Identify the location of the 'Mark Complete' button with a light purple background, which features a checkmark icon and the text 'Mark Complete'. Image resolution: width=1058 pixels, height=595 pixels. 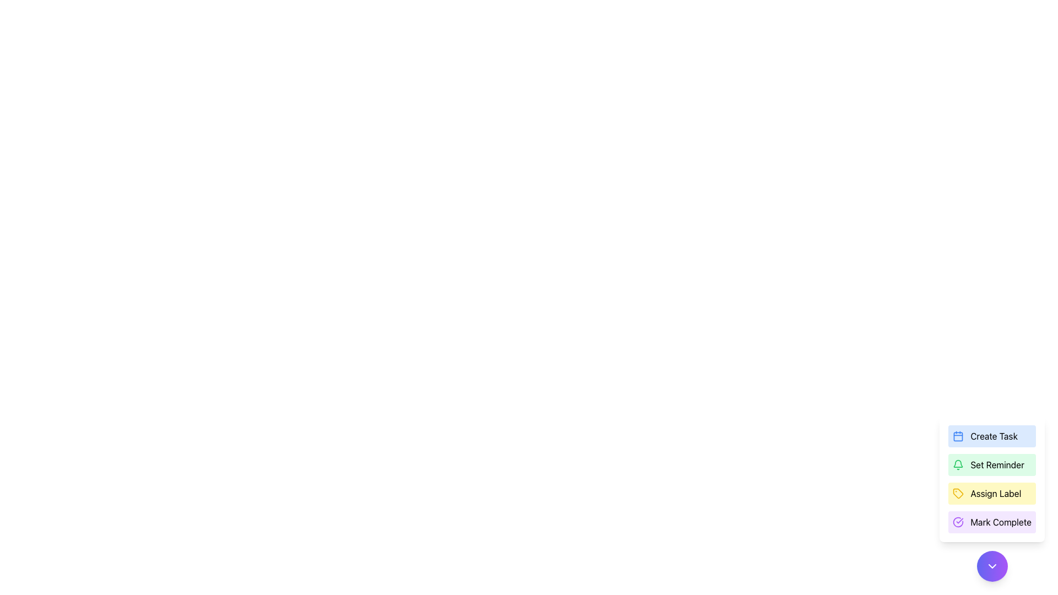
(992, 522).